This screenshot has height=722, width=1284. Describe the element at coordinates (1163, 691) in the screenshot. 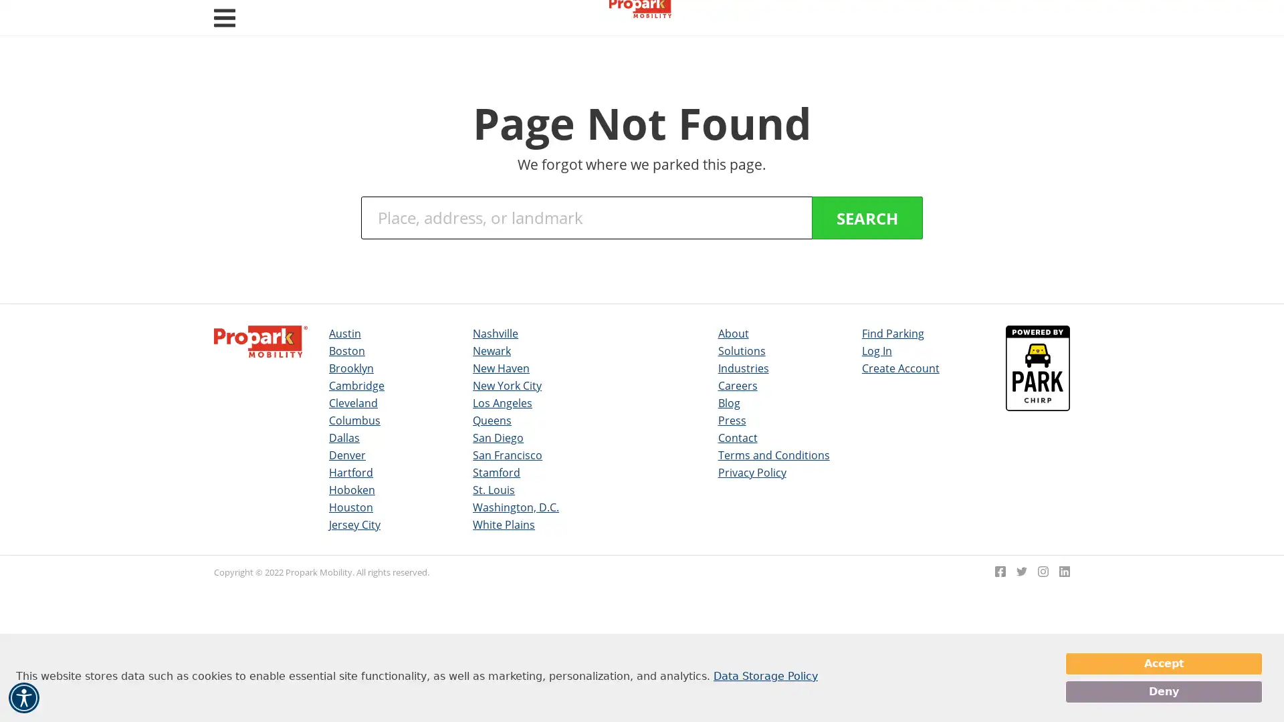

I see `Deny` at that location.